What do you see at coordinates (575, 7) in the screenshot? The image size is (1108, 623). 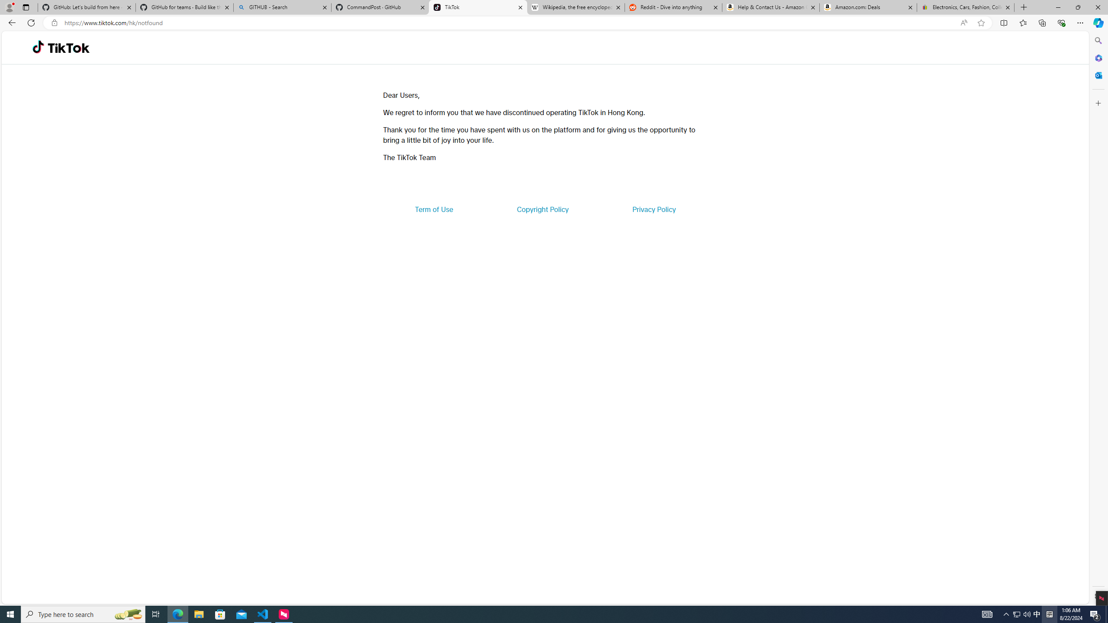 I see `'Wikipedia, the free encyclopedia'` at bounding box center [575, 7].